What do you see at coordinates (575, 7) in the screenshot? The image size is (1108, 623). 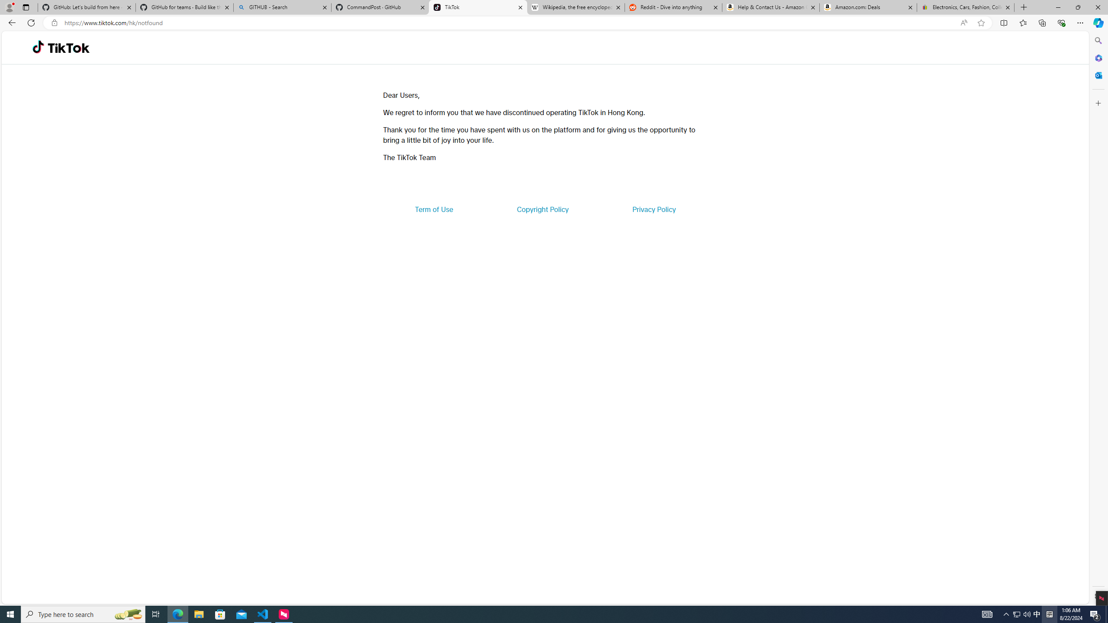 I see `'Wikipedia, the free encyclopedia'` at bounding box center [575, 7].